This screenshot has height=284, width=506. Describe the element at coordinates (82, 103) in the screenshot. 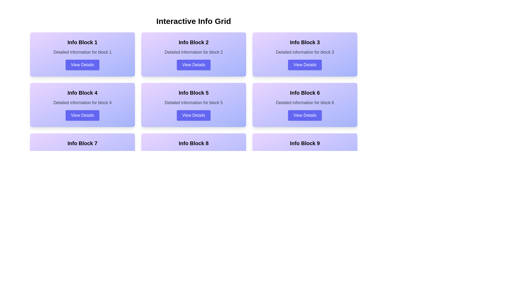

I see `the descriptive text content located within 'Info Block 4', which provides additional context about 'Block 4'` at that location.